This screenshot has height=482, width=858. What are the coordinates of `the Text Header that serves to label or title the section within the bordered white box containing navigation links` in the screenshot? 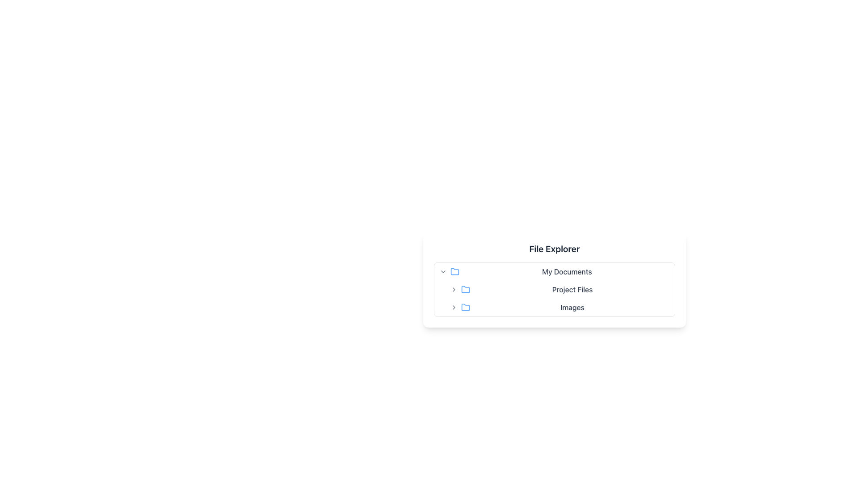 It's located at (554, 249).